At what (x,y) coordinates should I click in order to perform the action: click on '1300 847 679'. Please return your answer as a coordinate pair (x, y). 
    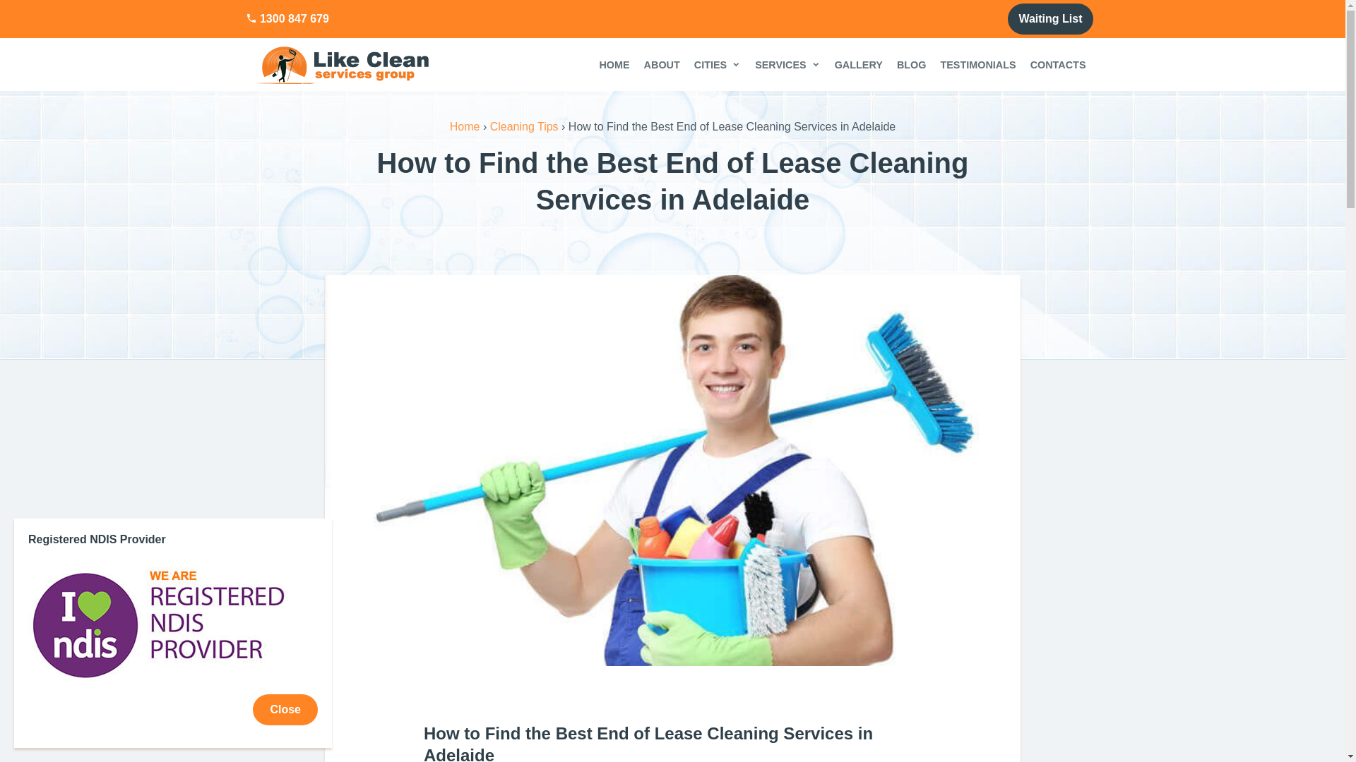
    Looking at the image, I should click on (287, 19).